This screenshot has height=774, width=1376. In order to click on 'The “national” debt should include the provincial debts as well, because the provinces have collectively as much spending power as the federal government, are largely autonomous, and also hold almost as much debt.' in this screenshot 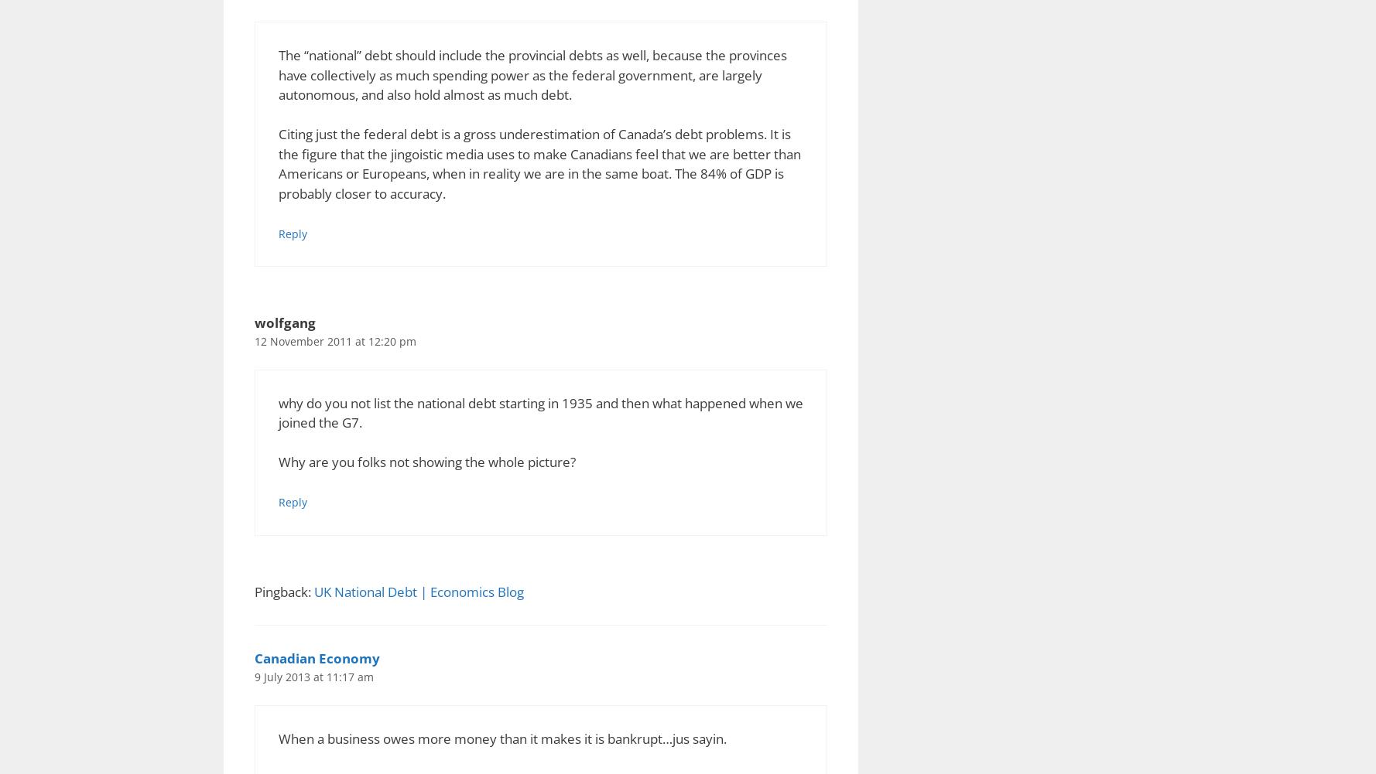, I will do `click(278, 73)`.